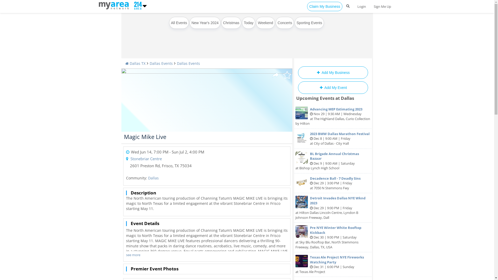  I want to click on 'Christmas', so click(231, 23).